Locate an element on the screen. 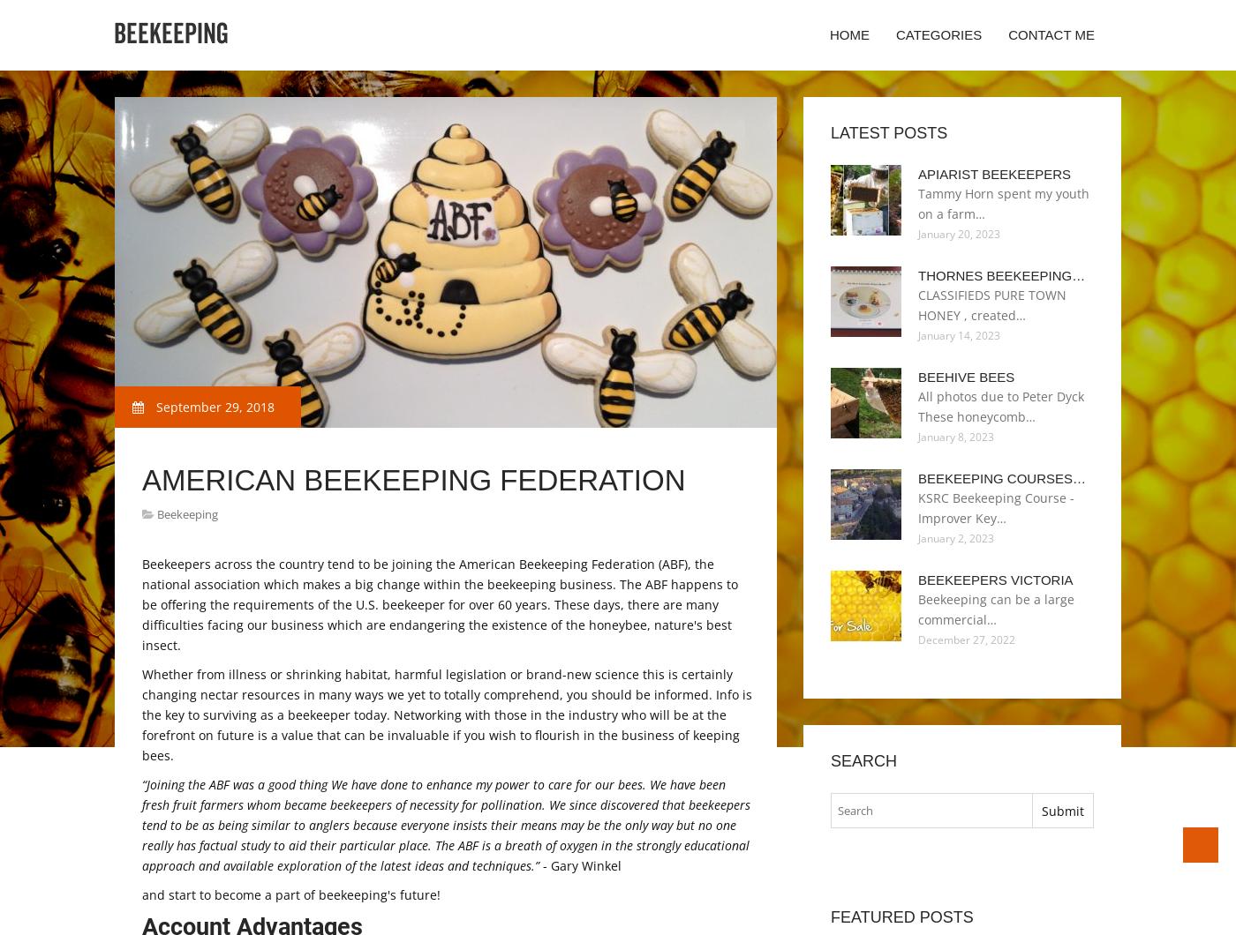 The width and height of the screenshot is (1236, 935). 'All photos due to Peter Dyck These honeycomb…' is located at coordinates (1001, 405).